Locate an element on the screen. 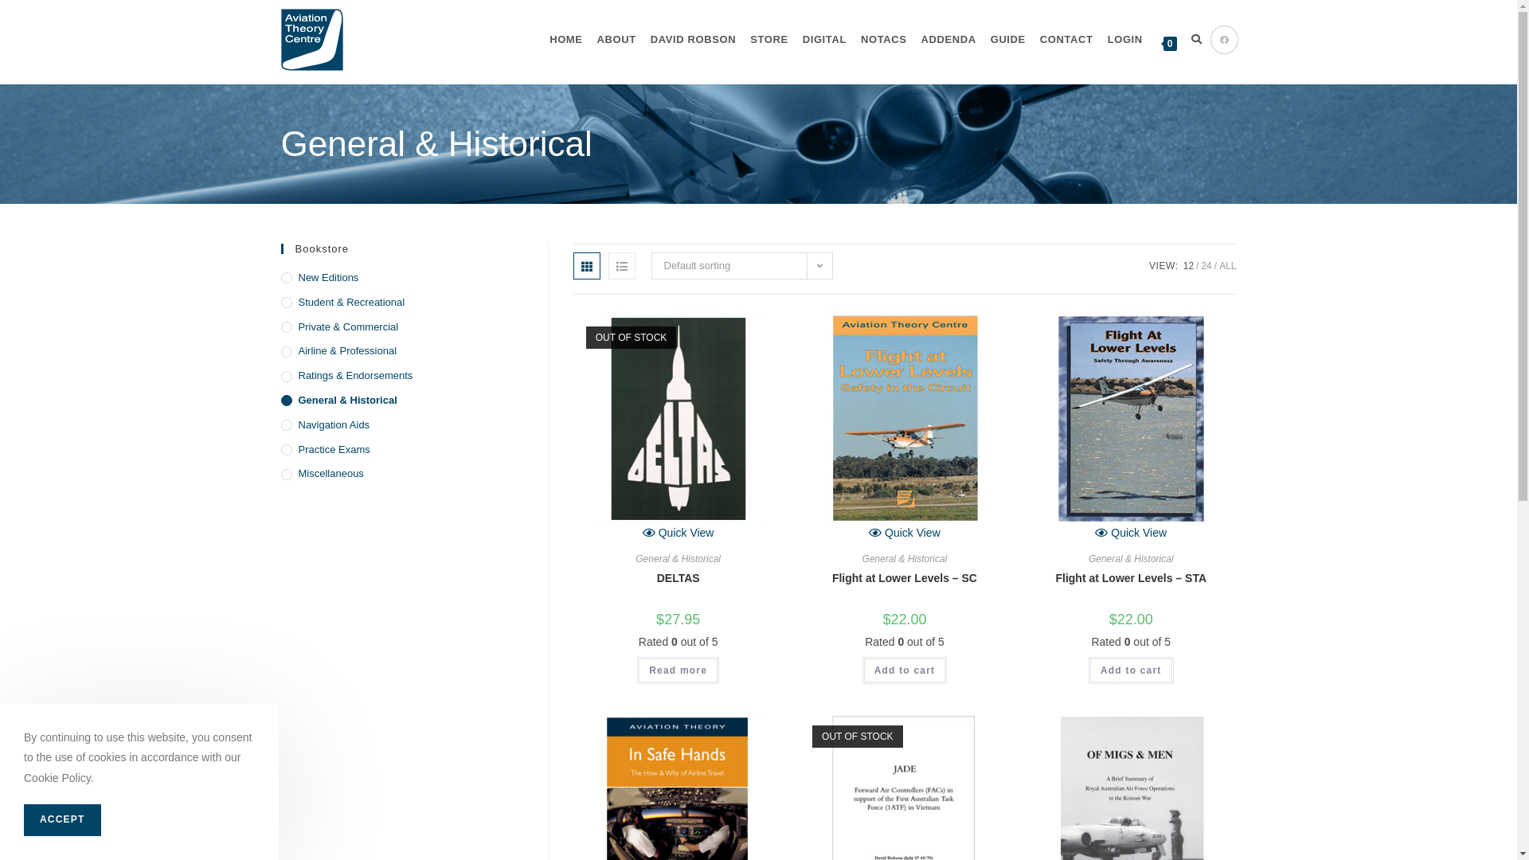  'ALL' is located at coordinates (1226, 265).